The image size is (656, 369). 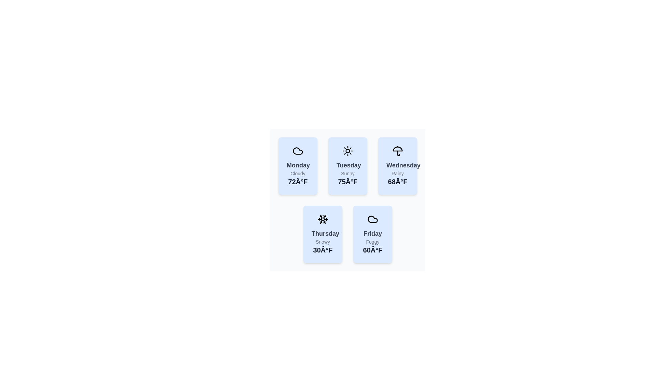 I want to click on the temperature information text label for 'Monday' displayed at the bottom of the weather card, below the 'Cloudy' text, so click(x=298, y=181).